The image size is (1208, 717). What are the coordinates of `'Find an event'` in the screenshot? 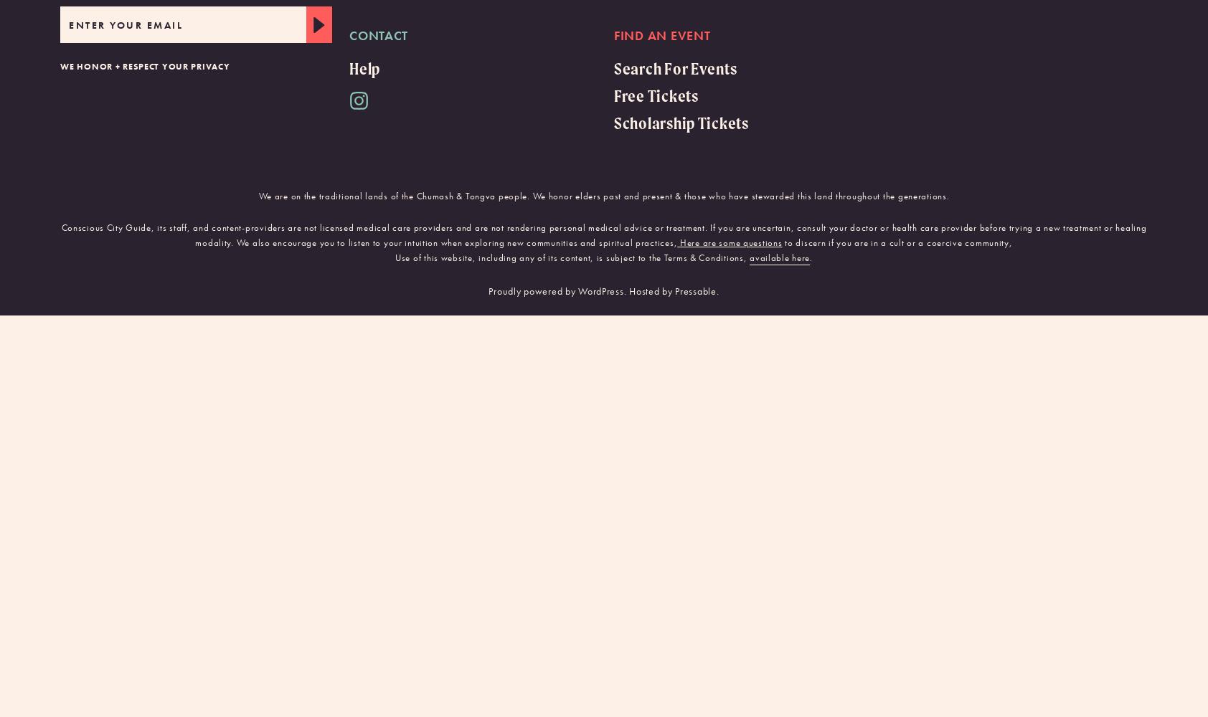 It's located at (661, 34).